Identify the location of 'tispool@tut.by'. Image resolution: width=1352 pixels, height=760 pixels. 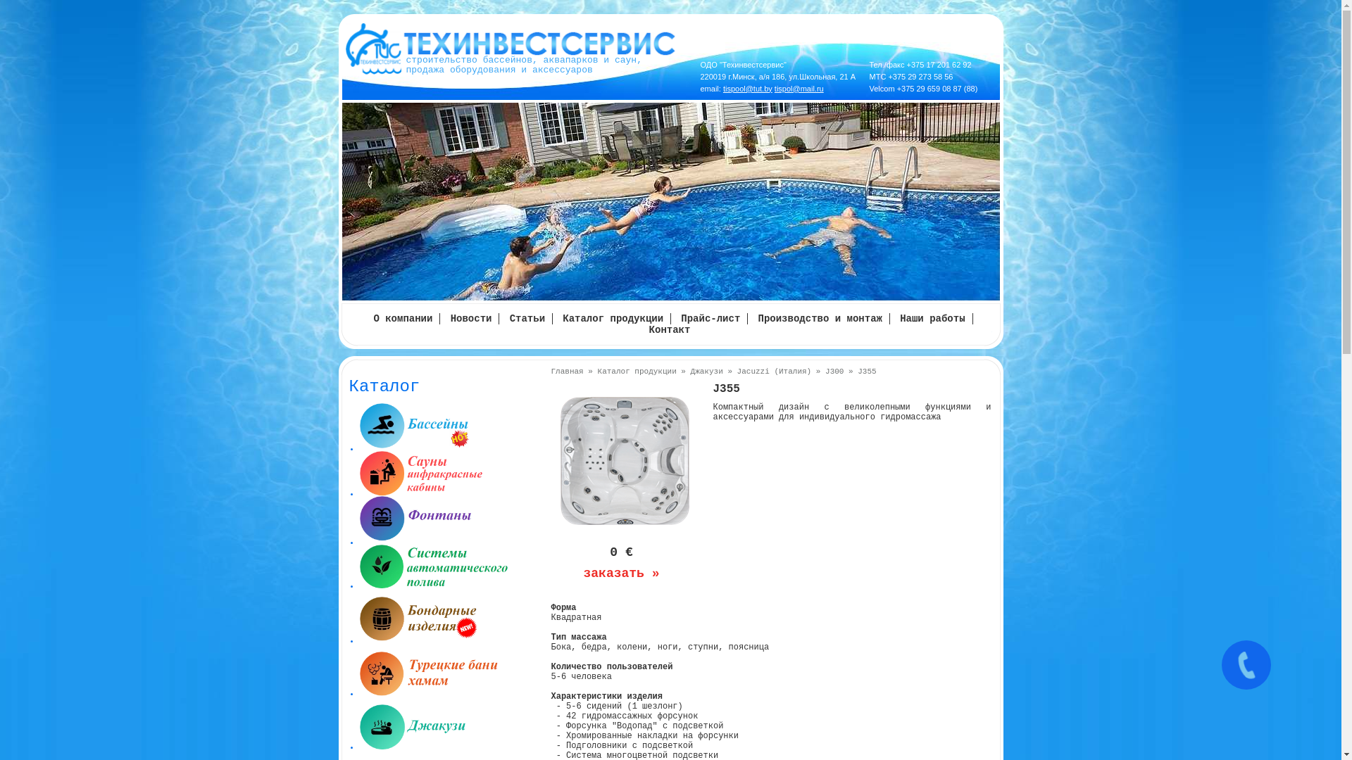
(746, 89).